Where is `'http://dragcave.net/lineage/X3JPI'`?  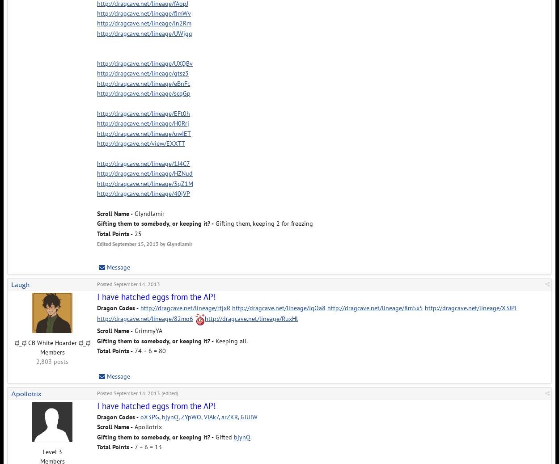
'http://dragcave.net/lineage/X3JPI' is located at coordinates (424, 307).